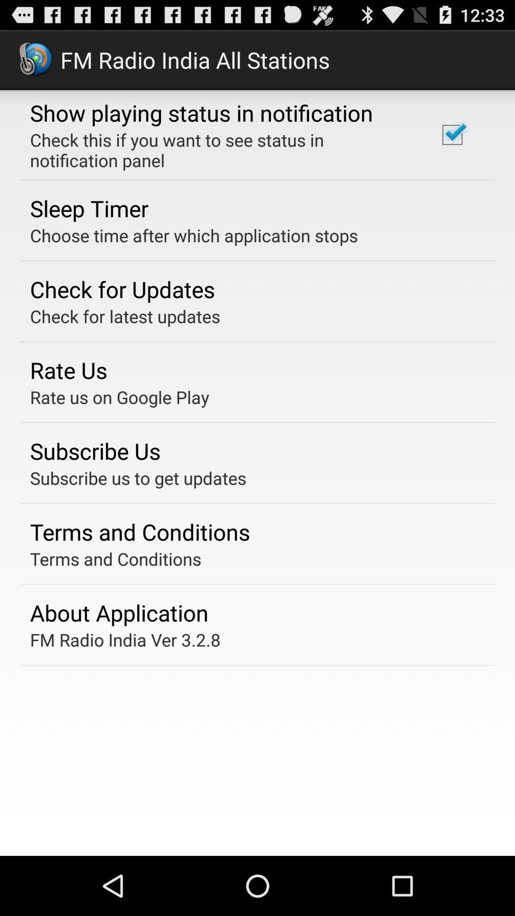 The width and height of the screenshot is (515, 916). Describe the element at coordinates (201, 113) in the screenshot. I see `the icon above the check this if item` at that location.